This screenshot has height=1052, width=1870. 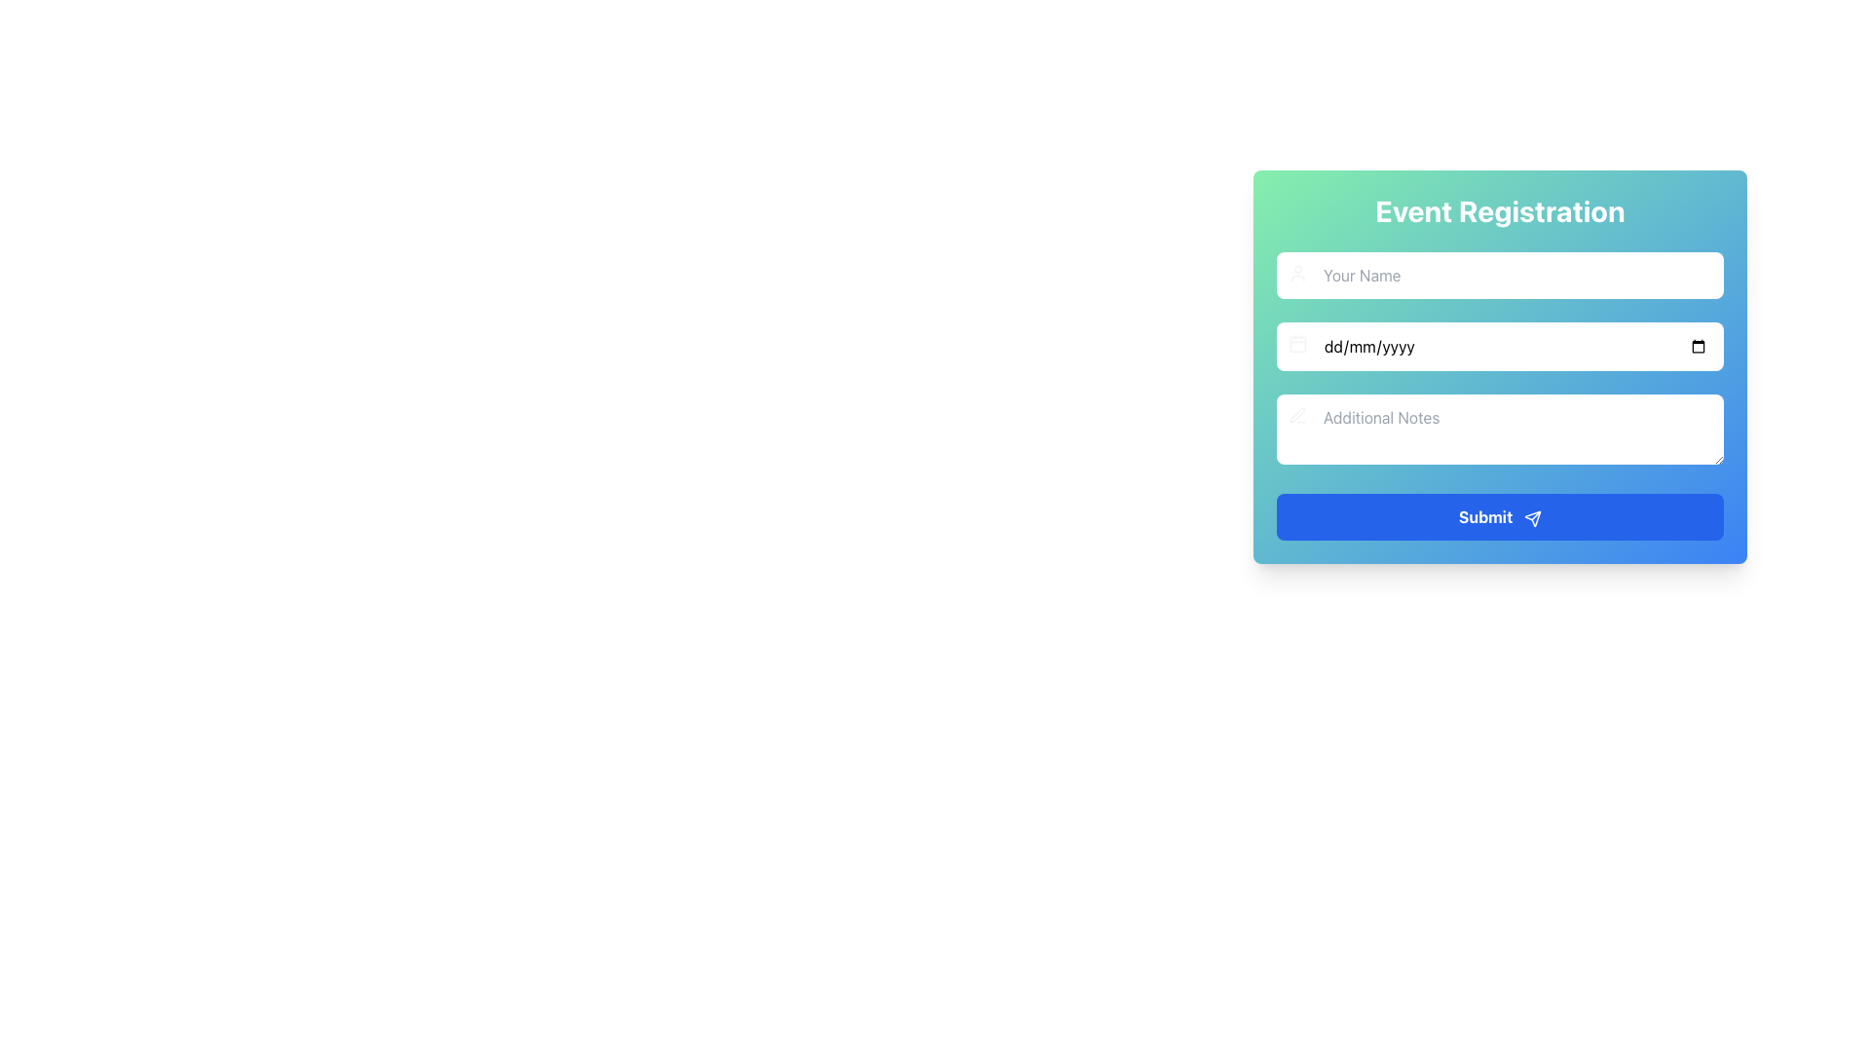 What do you see at coordinates (1499, 395) in the screenshot?
I see `the text input box labeled 'Additional Notes'` at bounding box center [1499, 395].